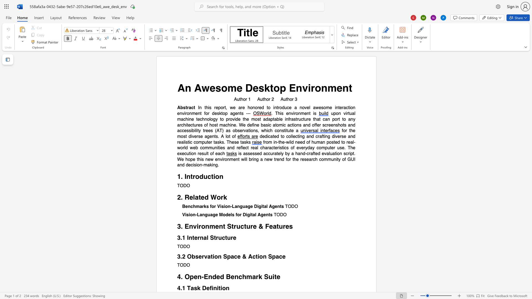 This screenshot has width=532, height=299. What do you see at coordinates (226, 277) in the screenshot?
I see `the subset text "Benchma" within the text "4. Open-Ended Benchmark Suite"` at bounding box center [226, 277].